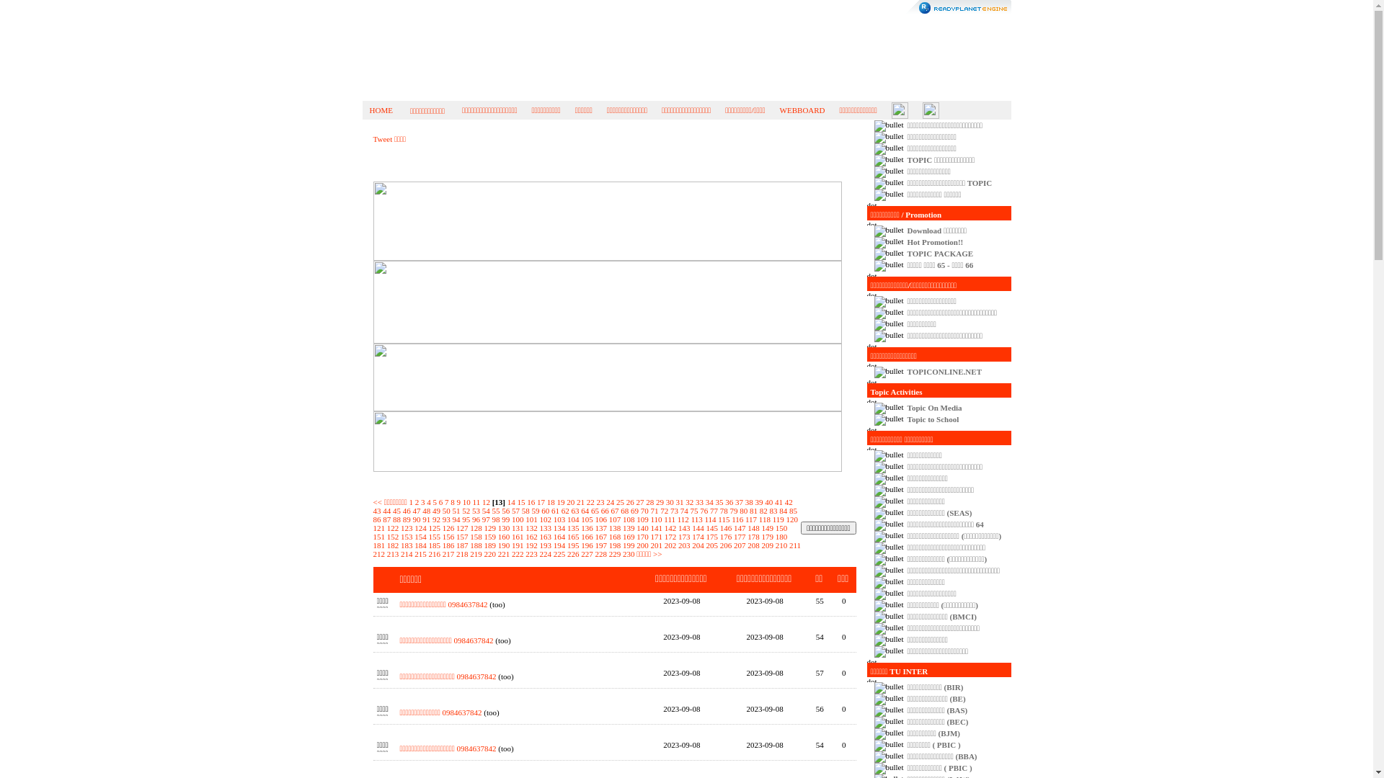  Describe the element at coordinates (572, 553) in the screenshot. I see `'226'` at that location.